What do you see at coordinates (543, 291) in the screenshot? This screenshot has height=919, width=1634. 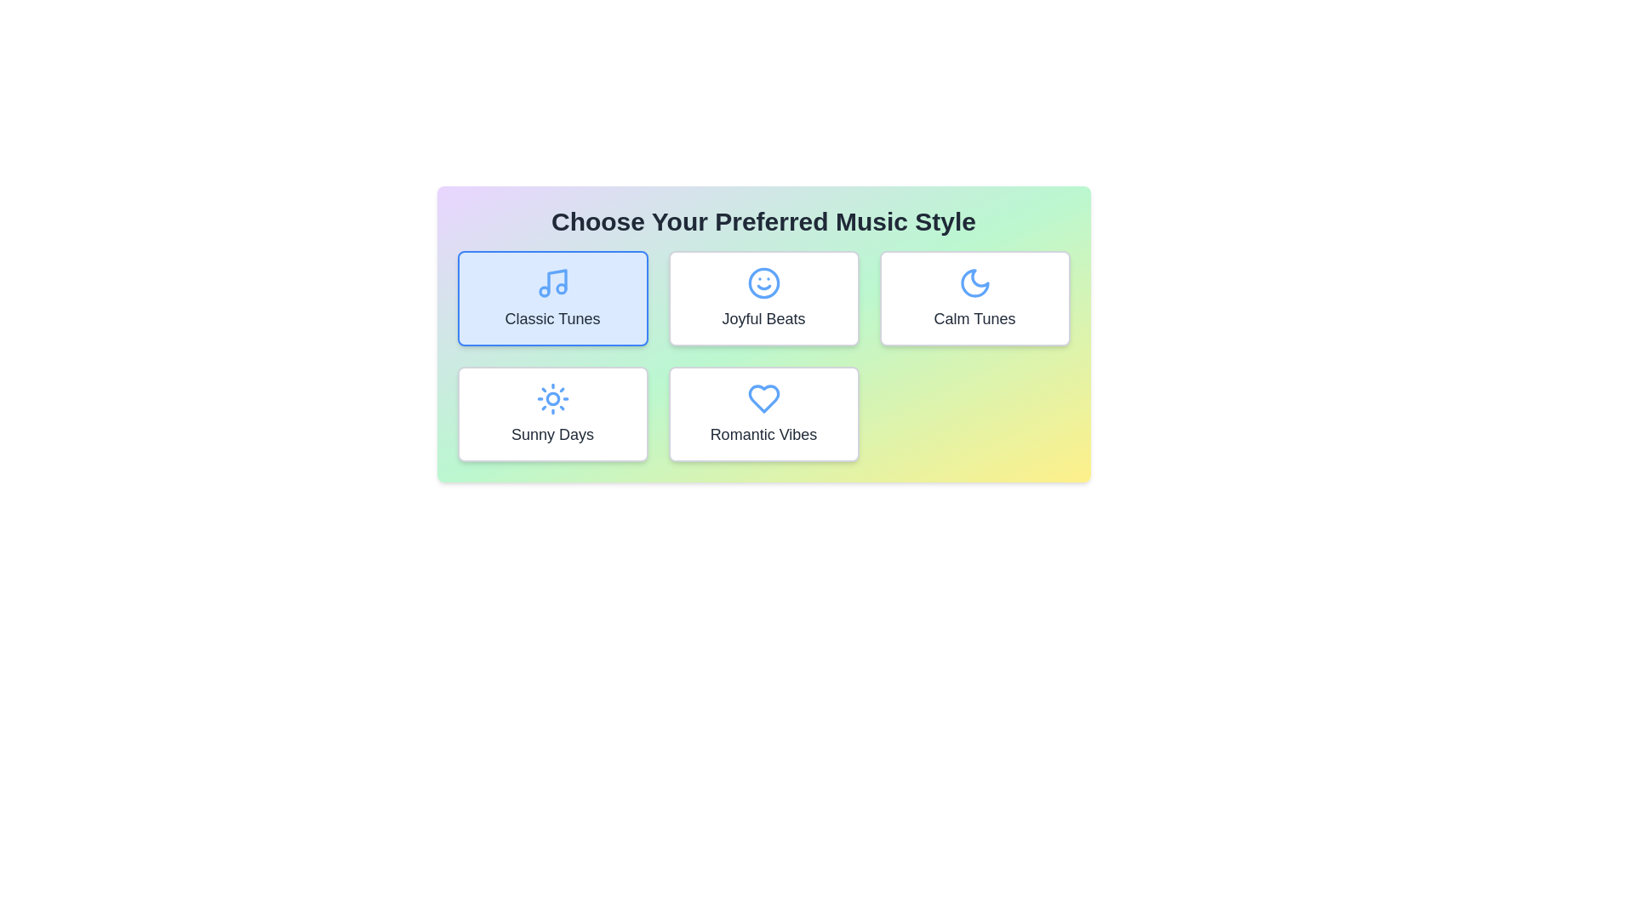 I see `the graphical shape within the musical note icon associated with the 'Classic Tunes' option located at the top-left of the interface` at bounding box center [543, 291].